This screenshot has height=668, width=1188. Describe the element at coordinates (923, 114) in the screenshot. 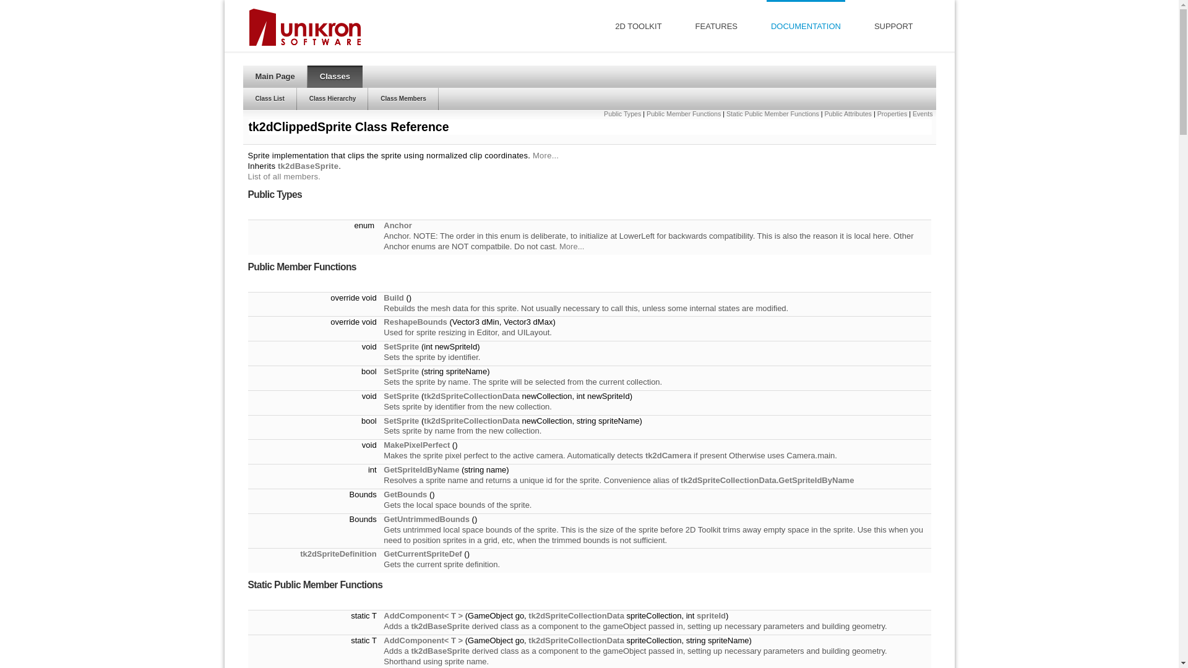

I see `'Events'` at that location.